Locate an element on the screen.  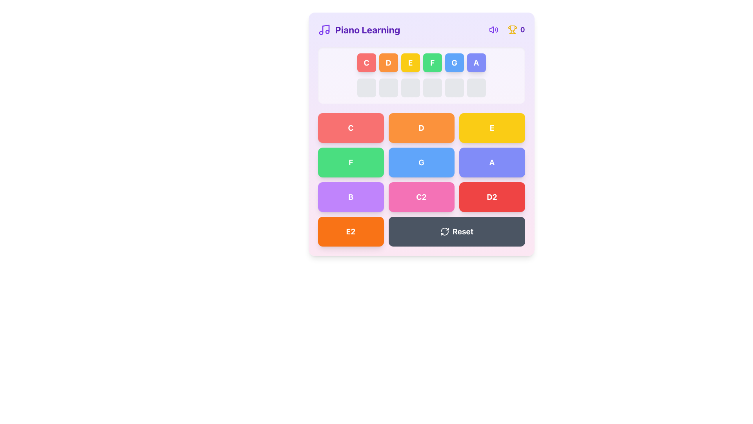
the audio settings toggle button located at the top-right corner of the interface, adjacent to a trophy icon and the number '0', to interact with it and likely toggle audio settings is located at coordinates (493, 29).